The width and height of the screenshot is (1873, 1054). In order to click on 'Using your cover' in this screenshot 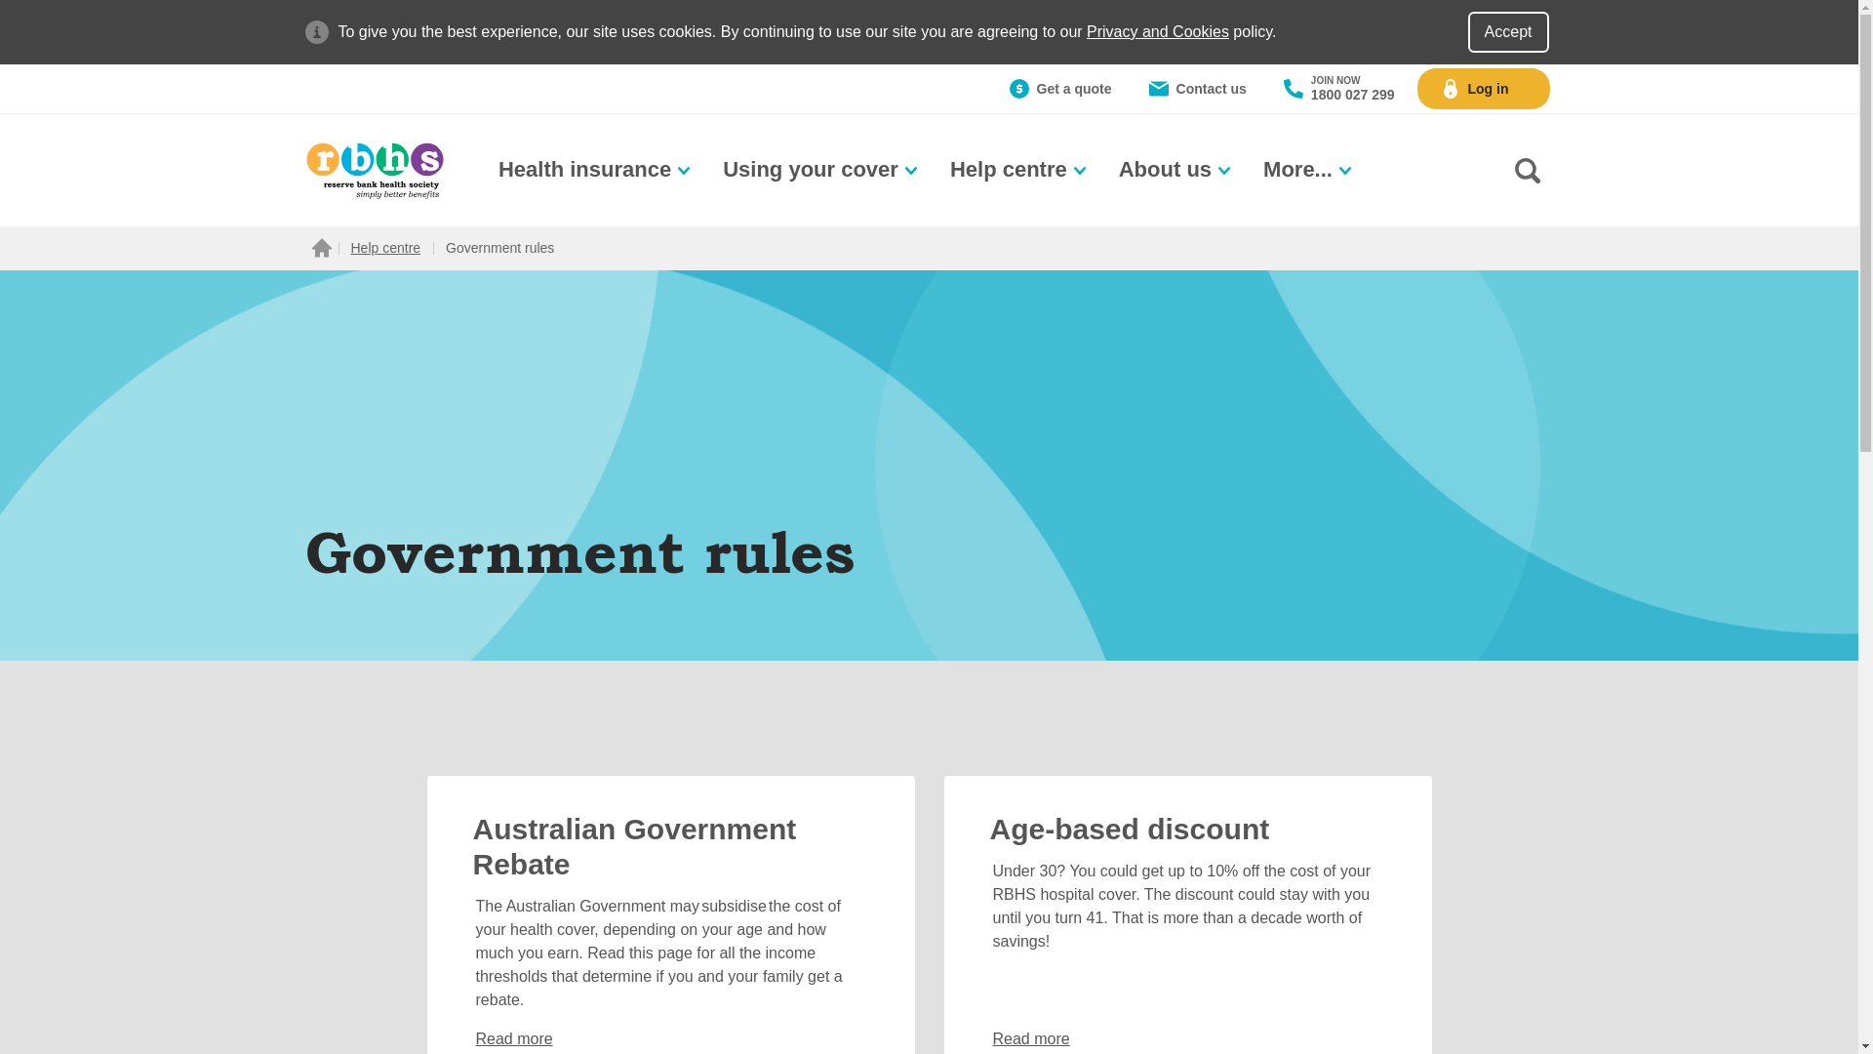, I will do `click(821, 169)`.